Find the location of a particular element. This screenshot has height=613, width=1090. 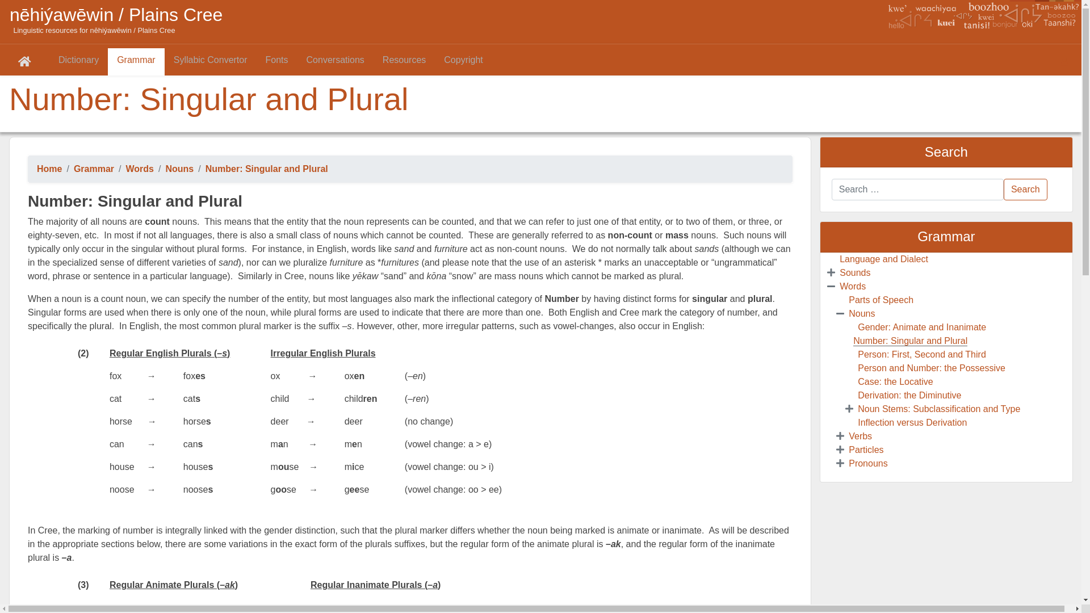

'Grammar' is located at coordinates (73, 169).